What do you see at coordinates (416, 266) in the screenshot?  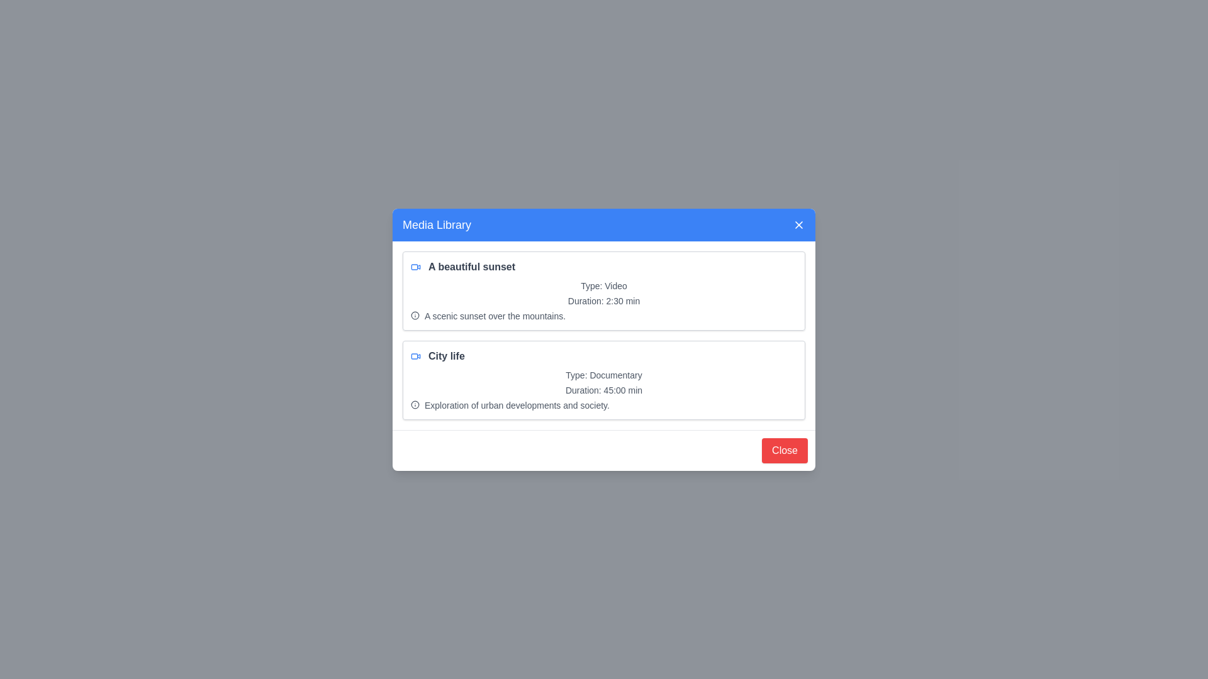 I see `the video content icon located at the leftmost side of the title bar for 'A beautiful sunset' in the media list` at bounding box center [416, 266].